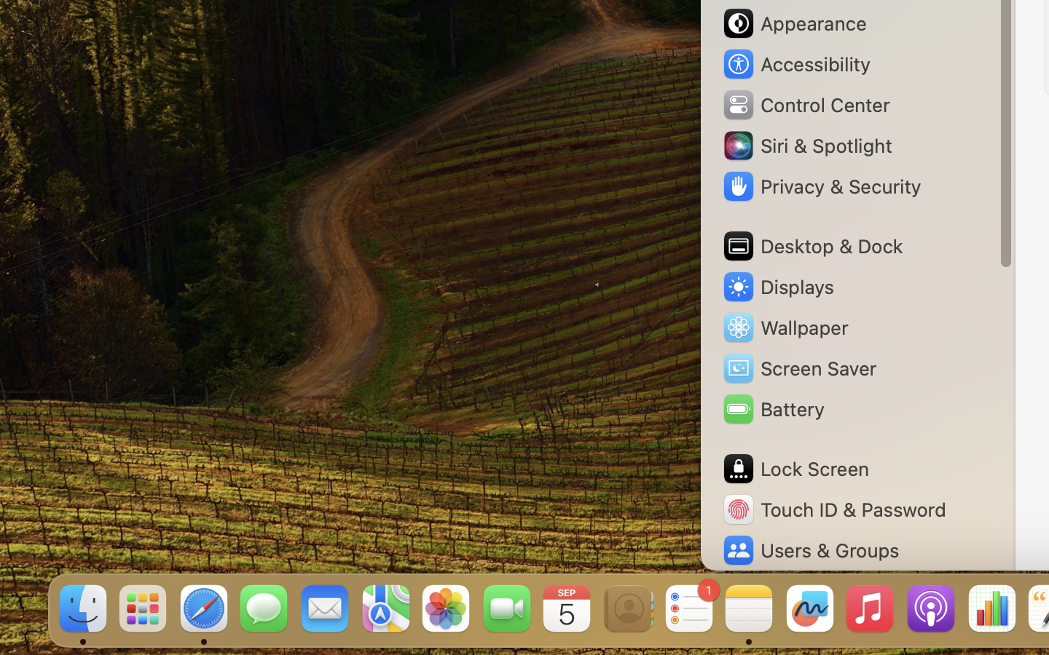 The height and width of the screenshot is (655, 1049). I want to click on 'Users & Groups', so click(809, 549).